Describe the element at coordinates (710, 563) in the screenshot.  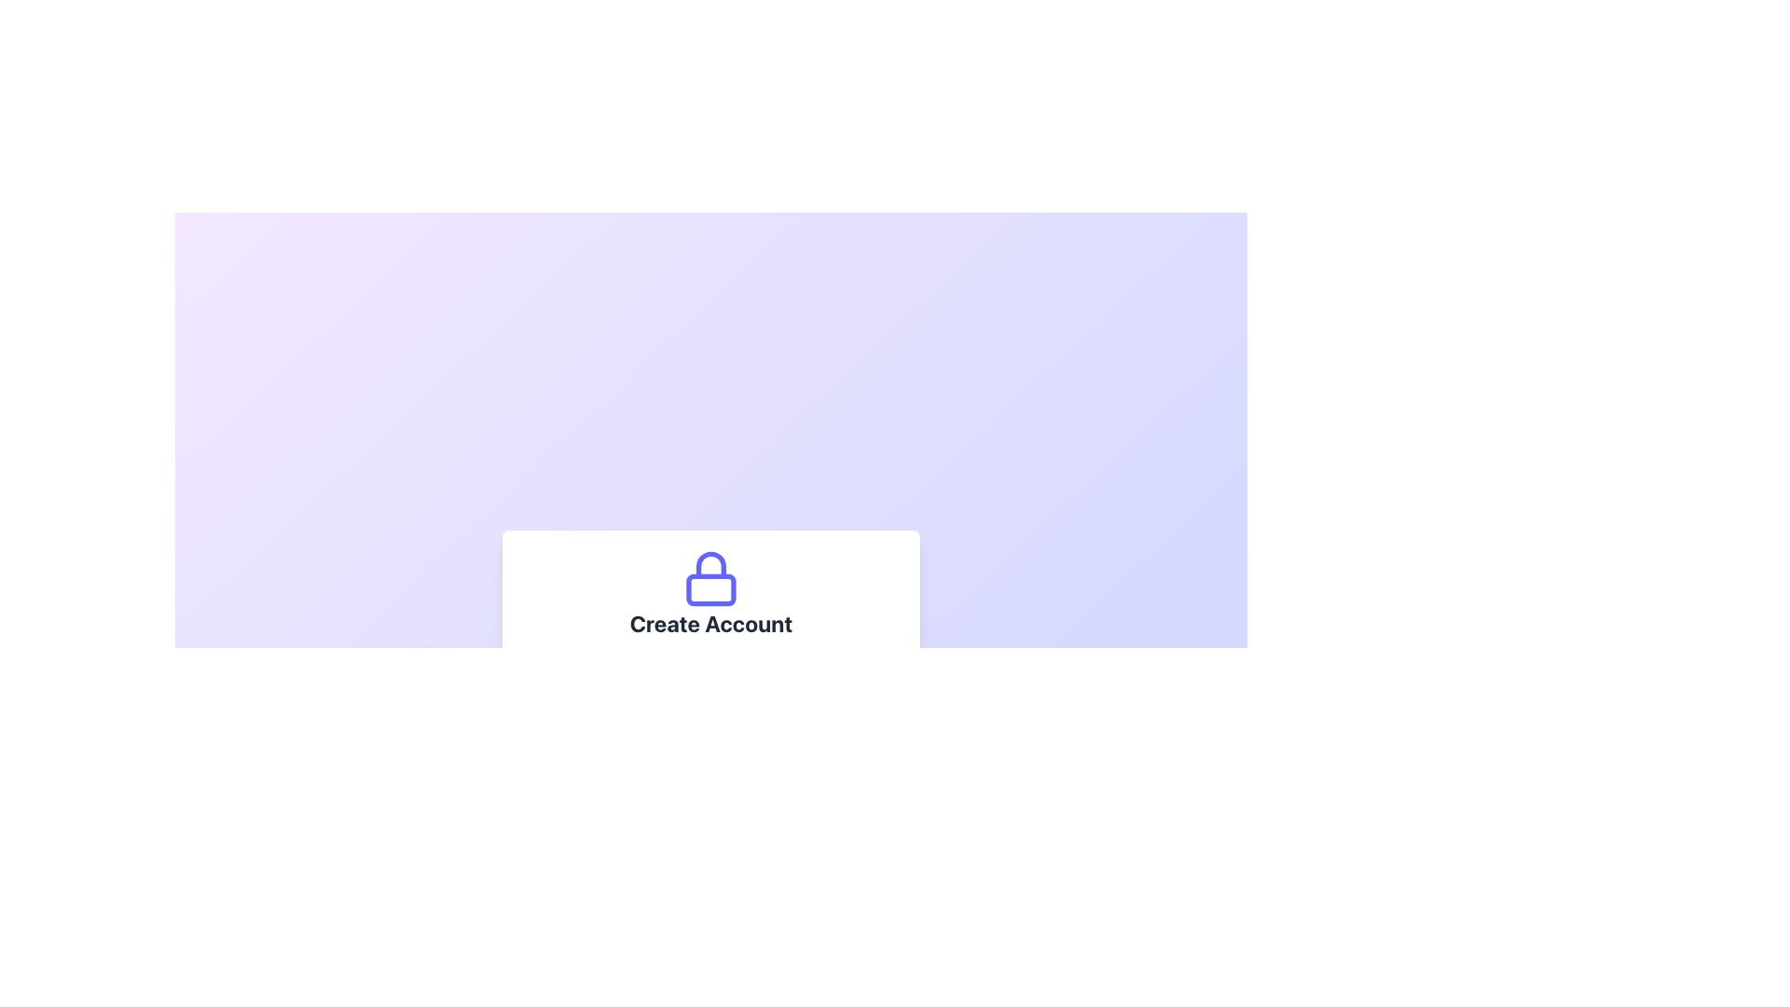
I see `the decorative graphical icon component that indicates a secure account creation process, positioned above the lock icon and centered horizontally above the 'Create Account' text` at that location.